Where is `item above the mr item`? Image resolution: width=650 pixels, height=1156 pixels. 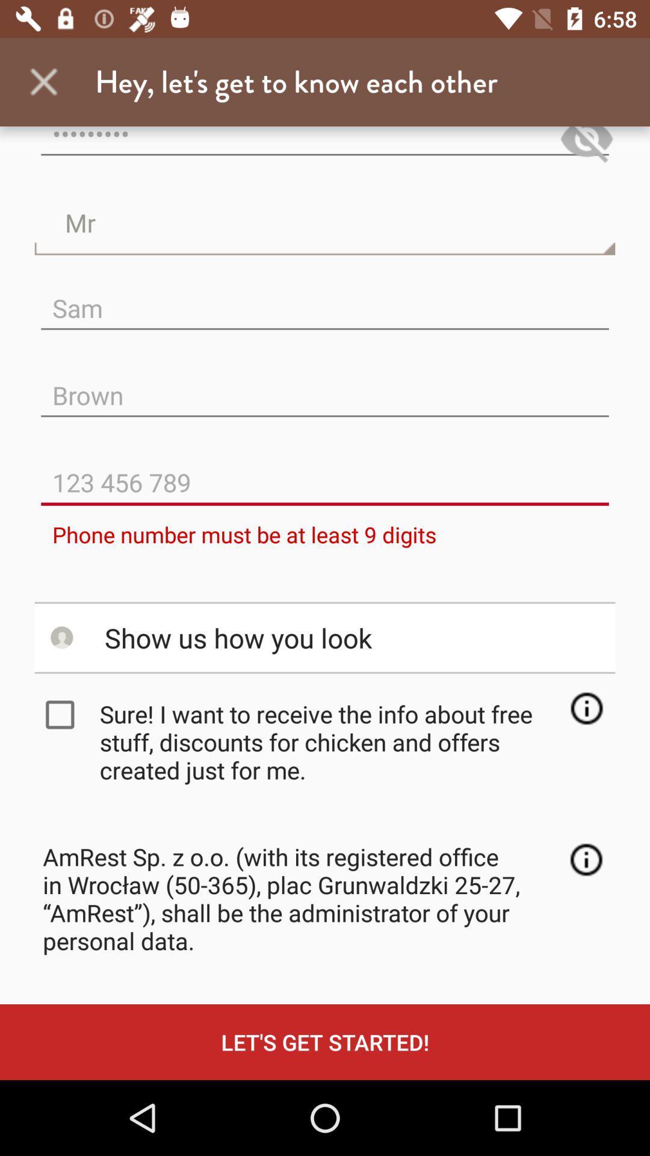
item above the mr item is located at coordinates (325, 146).